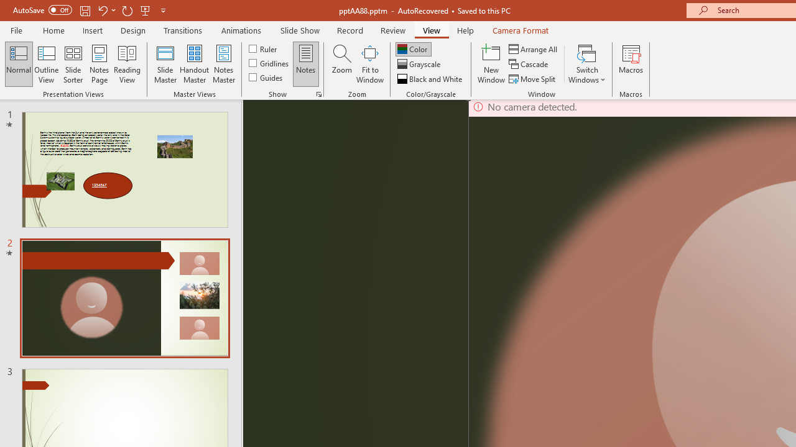  What do you see at coordinates (319, 93) in the screenshot?
I see `'Grid Settings...'` at bounding box center [319, 93].